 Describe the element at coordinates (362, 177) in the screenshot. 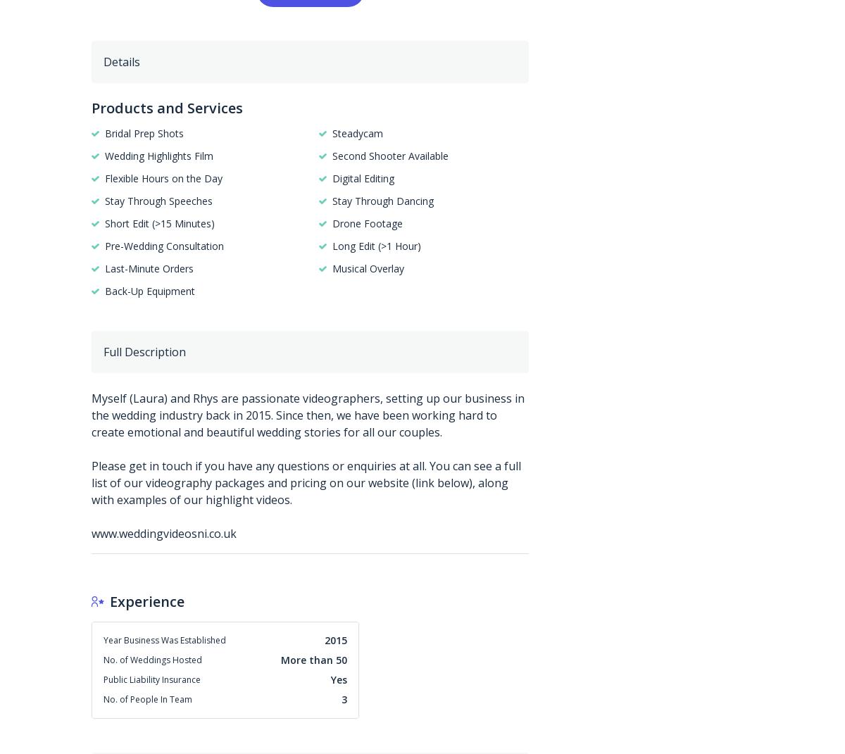

I see `'Digital Editing'` at that location.